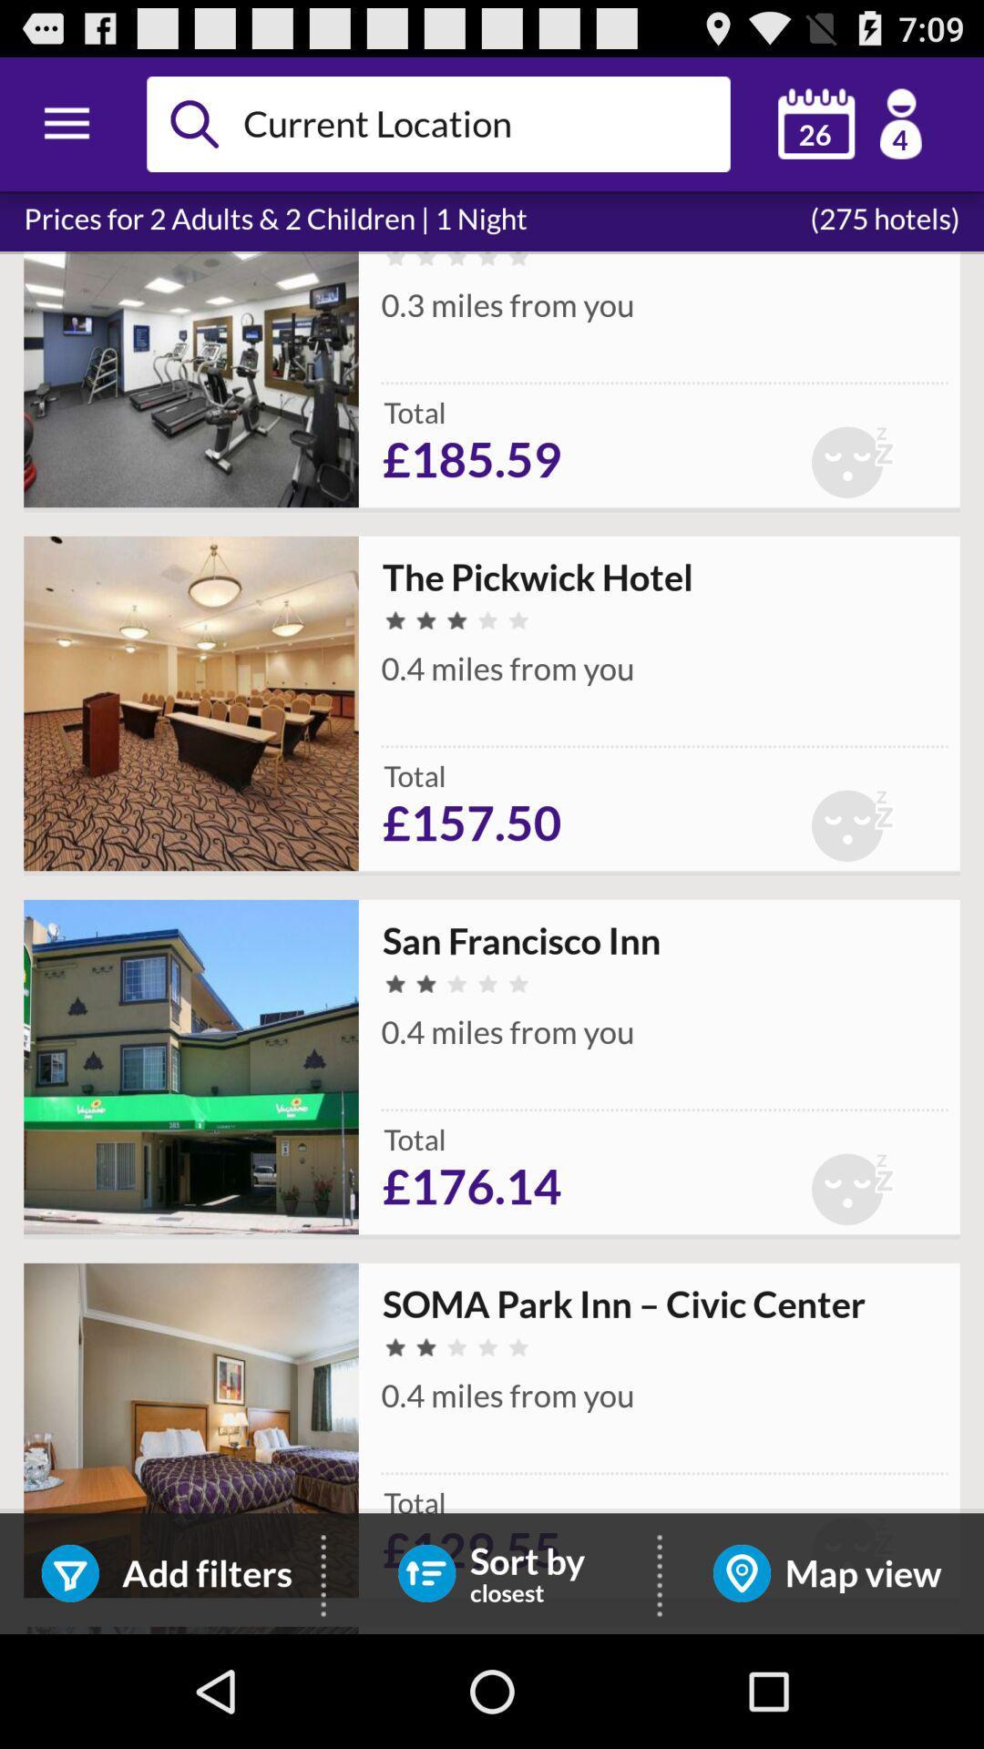 This screenshot has width=984, height=1749. What do you see at coordinates (190, 702) in the screenshot?
I see `second image left  to the pickwick hotel` at bounding box center [190, 702].